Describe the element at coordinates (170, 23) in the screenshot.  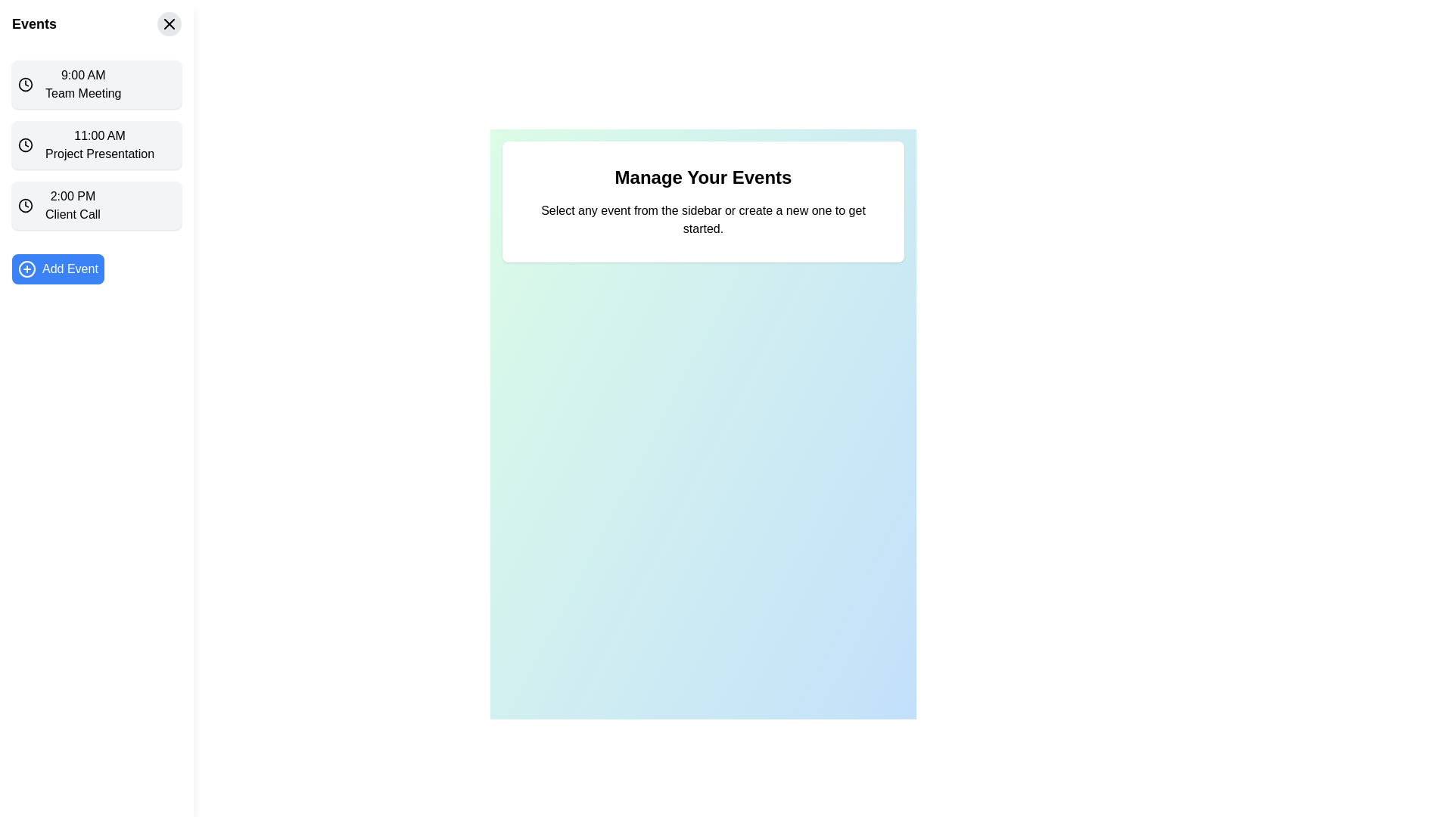
I see `the 'X' icon located in the top-right corner of the sidebar header, adjacent to the title 'Events'` at that location.